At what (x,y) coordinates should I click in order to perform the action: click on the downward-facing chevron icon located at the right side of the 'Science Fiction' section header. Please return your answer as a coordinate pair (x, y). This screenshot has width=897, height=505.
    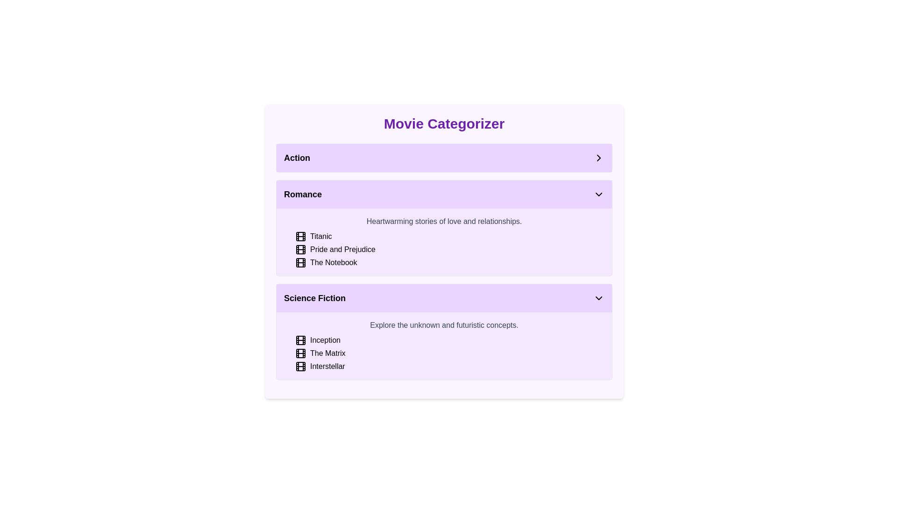
    Looking at the image, I should click on (598, 298).